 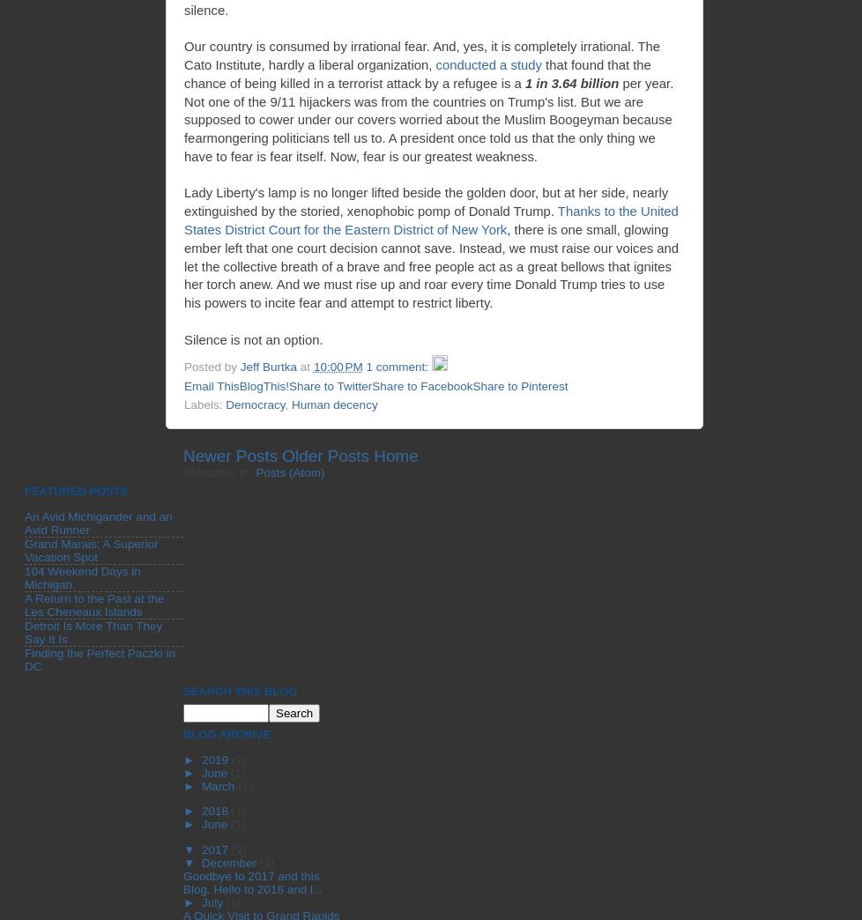 What do you see at coordinates (520, 384) in the screenshot?
I see `'Share to Pinterest'` at bounding box center [520, 384].